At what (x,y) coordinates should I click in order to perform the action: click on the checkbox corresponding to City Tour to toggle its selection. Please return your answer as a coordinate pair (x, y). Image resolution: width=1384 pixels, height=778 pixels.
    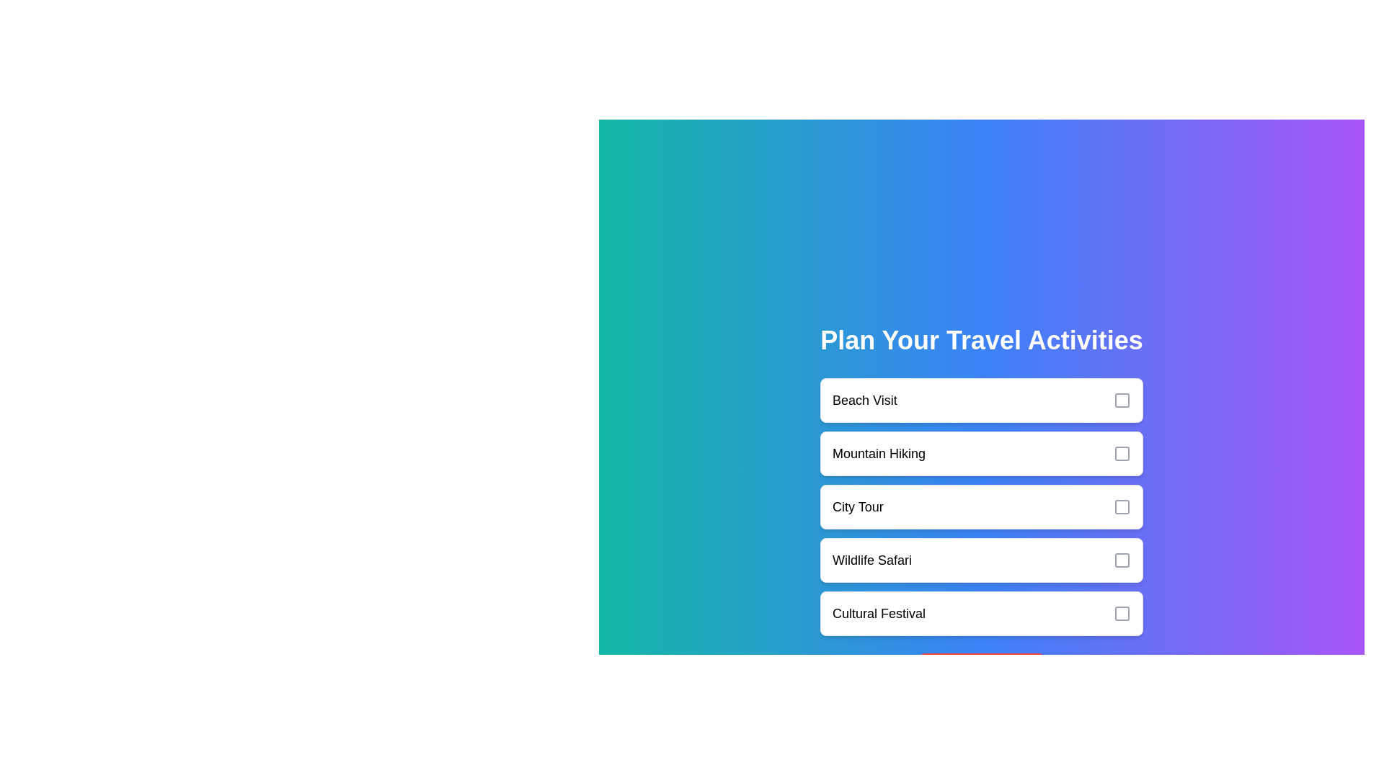
    Looking at the image, I should click on (1121, 506).